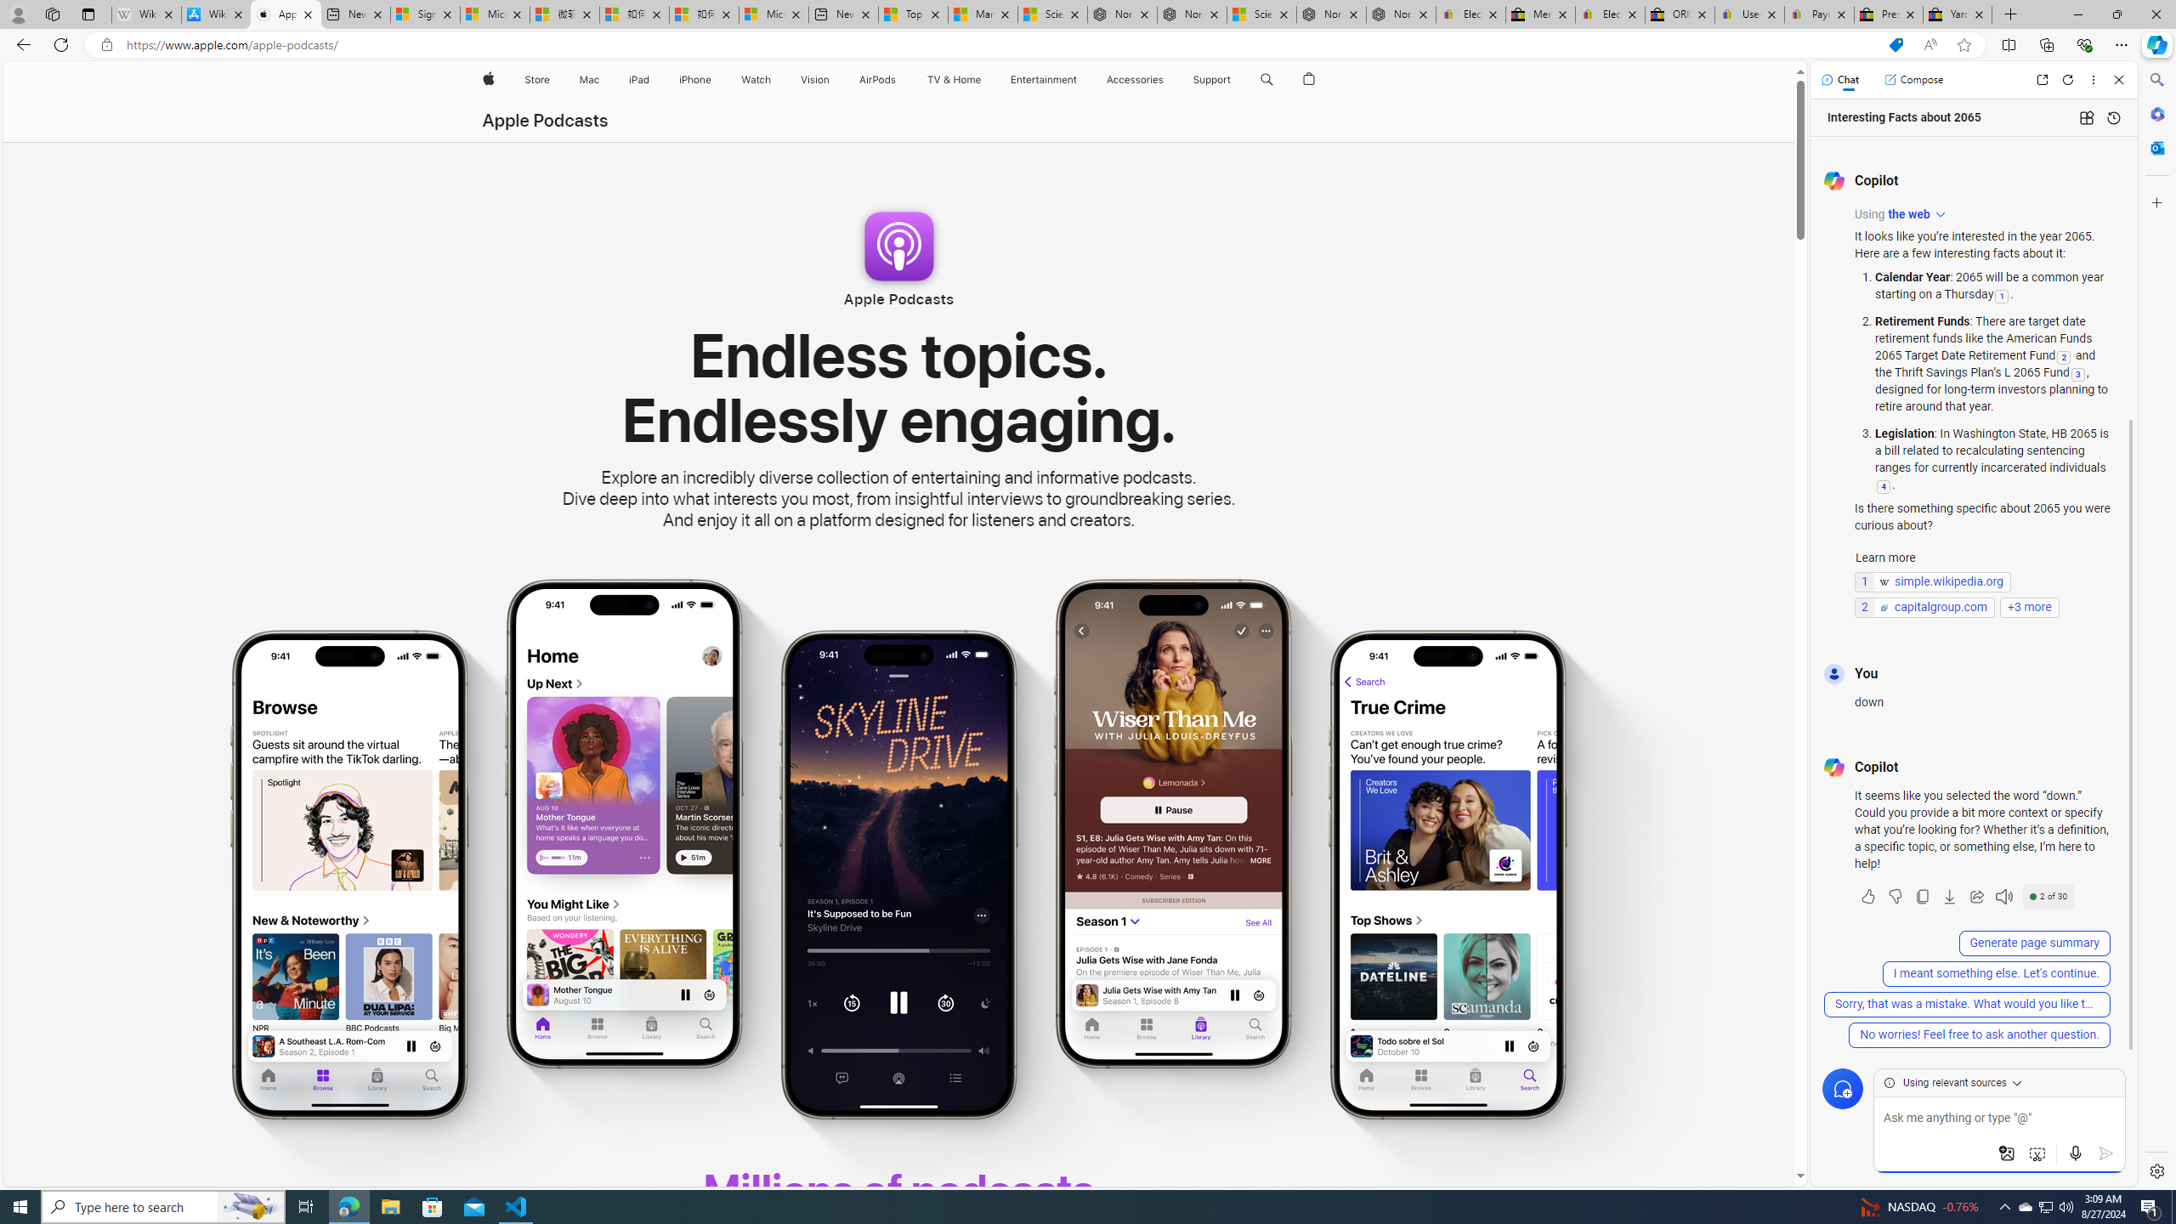 The image size is (2176, 1224). What do you see at coordinates (536, 79) in the screenshot?
I see `'Store'` at bounding box center [536, 79].